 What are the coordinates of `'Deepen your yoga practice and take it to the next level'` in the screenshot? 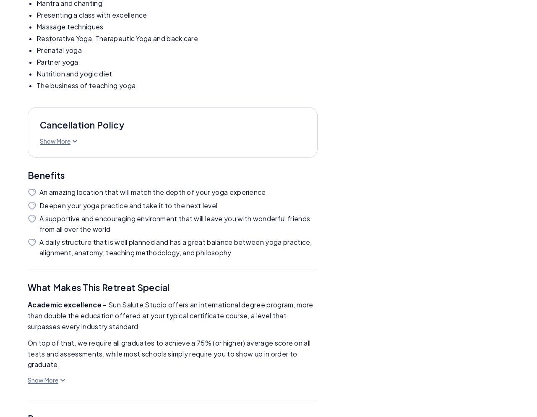 It's located at (128, 205).